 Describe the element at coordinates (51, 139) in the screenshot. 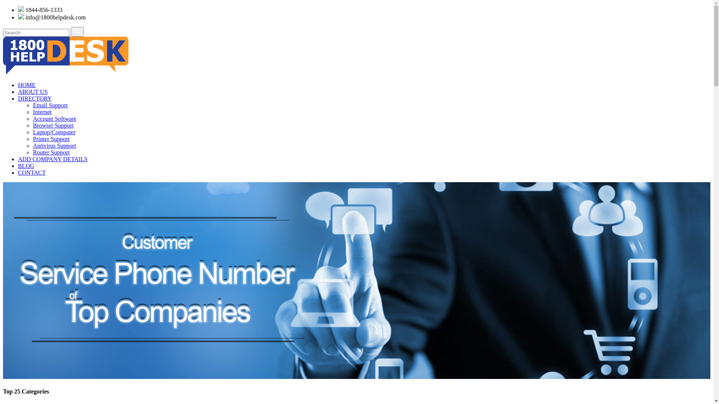

I see `'Printer Support'` at that location.